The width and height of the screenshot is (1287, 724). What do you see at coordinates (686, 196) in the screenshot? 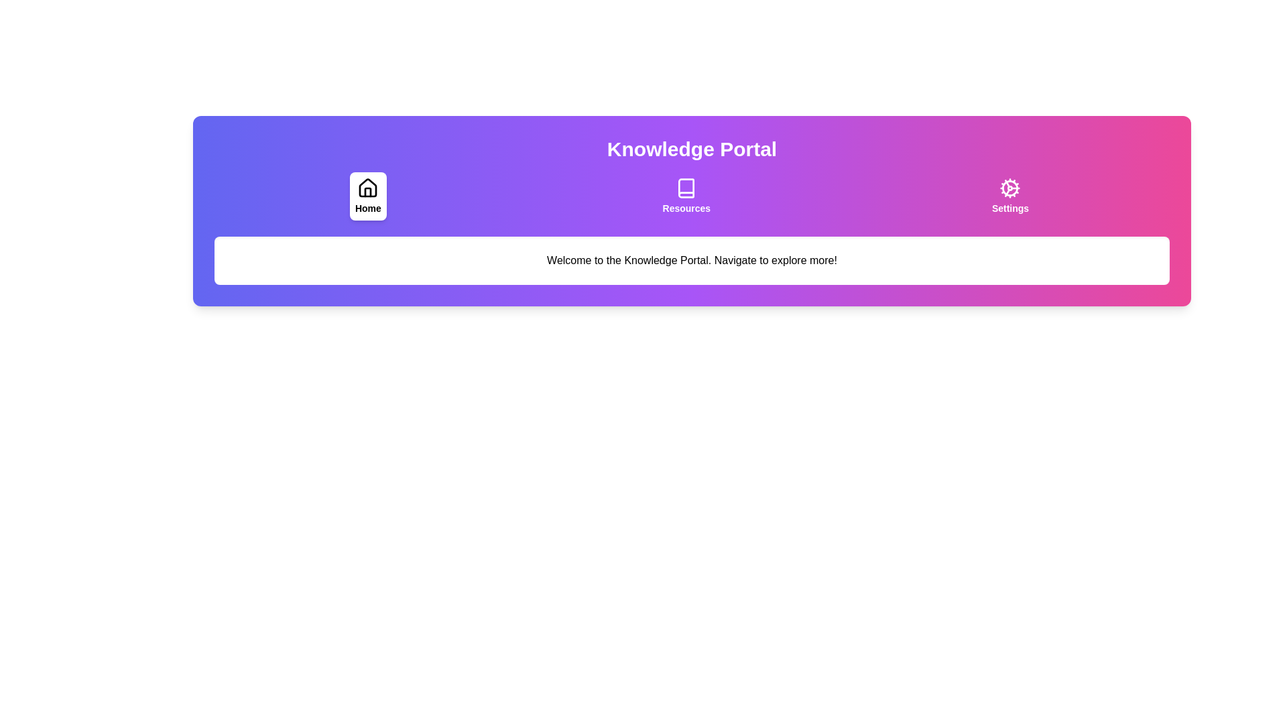
I see `the tab labeled Resources` at bounding box center [686, 196].